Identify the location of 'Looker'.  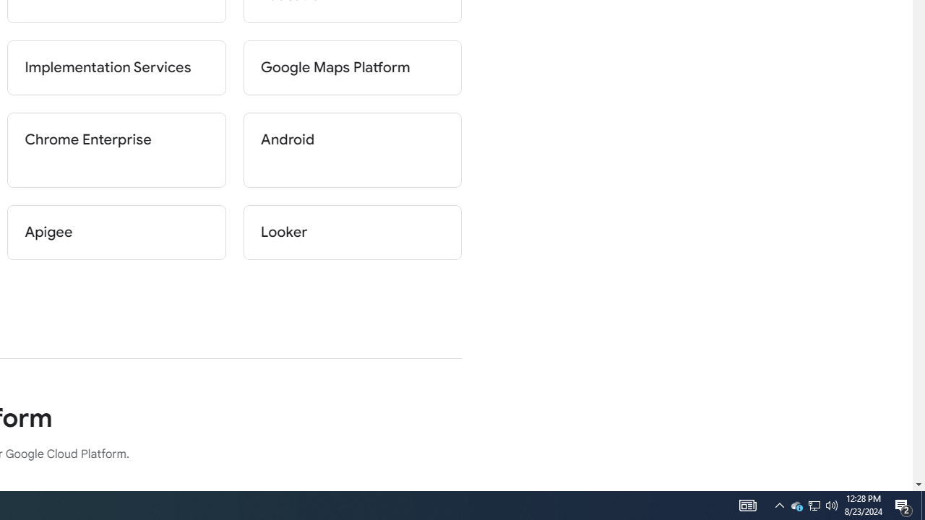
(352, 231).